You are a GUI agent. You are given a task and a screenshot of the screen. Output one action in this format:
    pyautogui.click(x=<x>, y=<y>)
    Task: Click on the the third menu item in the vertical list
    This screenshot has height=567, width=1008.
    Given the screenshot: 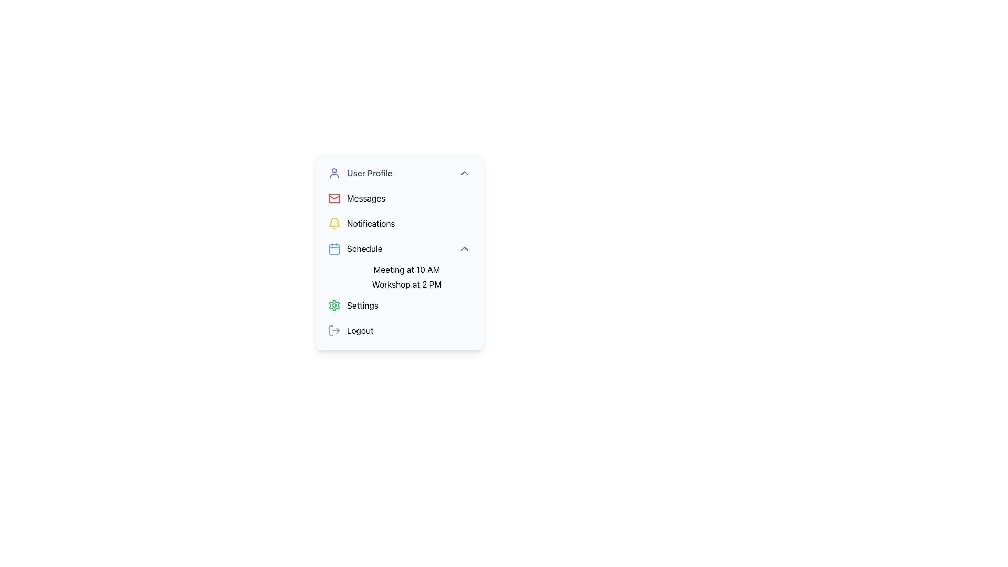 What is the action you would take?
    pyautogui.click(x=399, y=249)
    